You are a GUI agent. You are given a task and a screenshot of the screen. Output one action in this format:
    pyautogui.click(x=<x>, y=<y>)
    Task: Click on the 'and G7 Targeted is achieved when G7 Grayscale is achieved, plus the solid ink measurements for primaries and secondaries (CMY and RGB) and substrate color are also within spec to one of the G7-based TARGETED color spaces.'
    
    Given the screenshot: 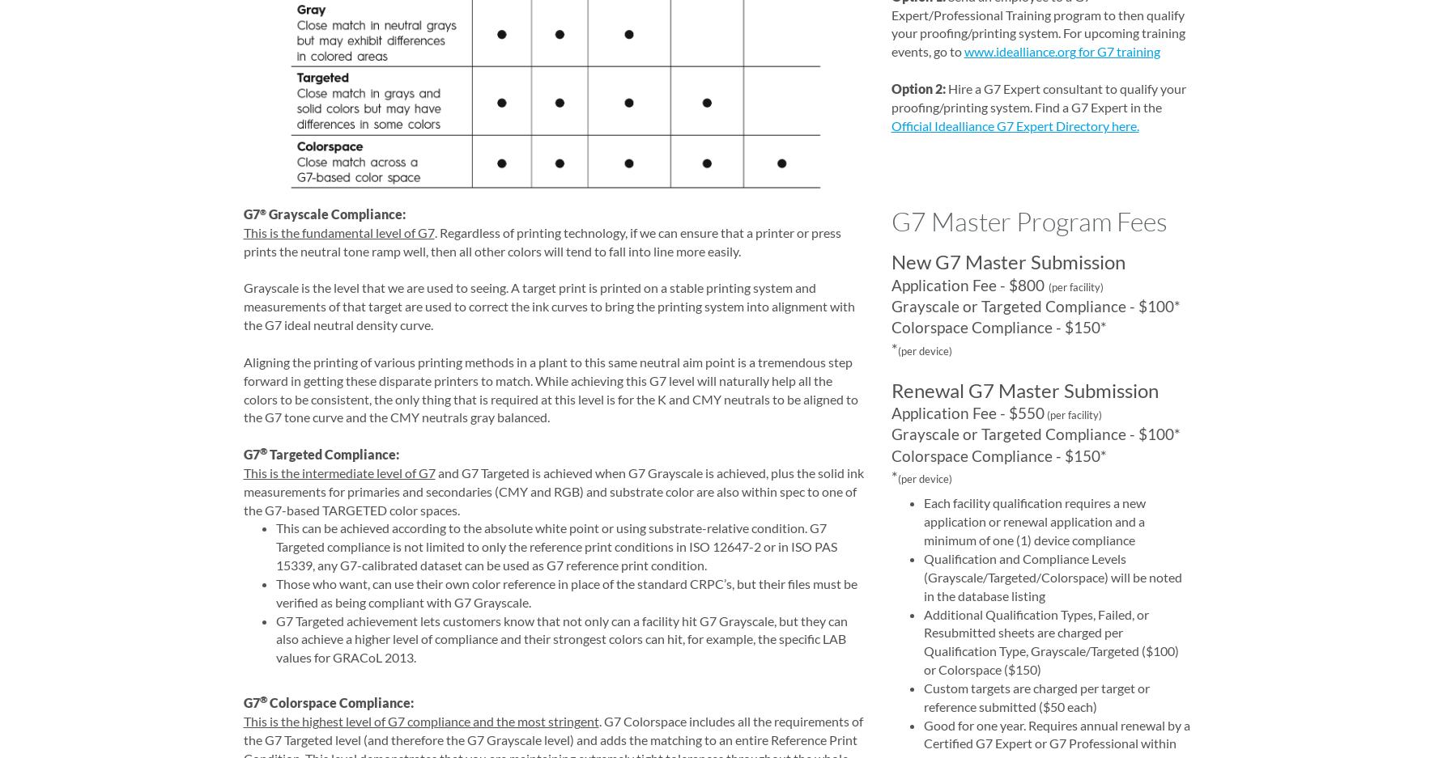 What is the action you would take?
    pyautogui.click(x=553, y=489)
    